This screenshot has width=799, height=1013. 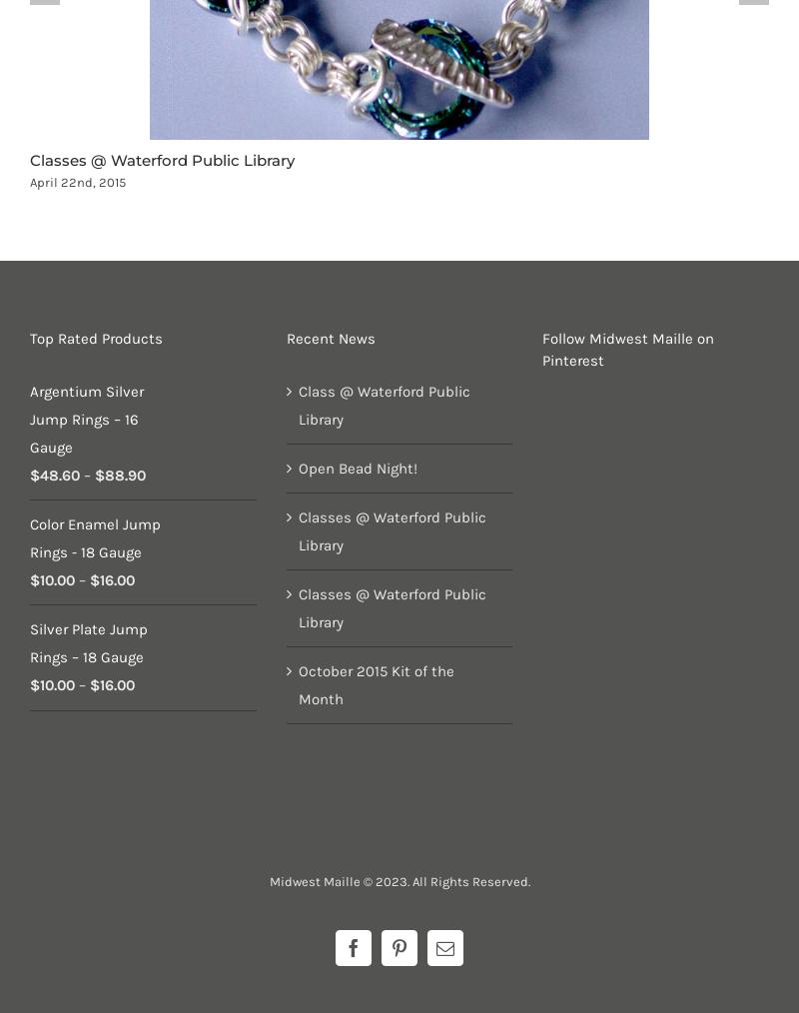 What do you see at coordinates (628, 348) in the screenshot?
I see `'Follow Midwest Maille on Pinterest'` at bounding box center [628, 348].